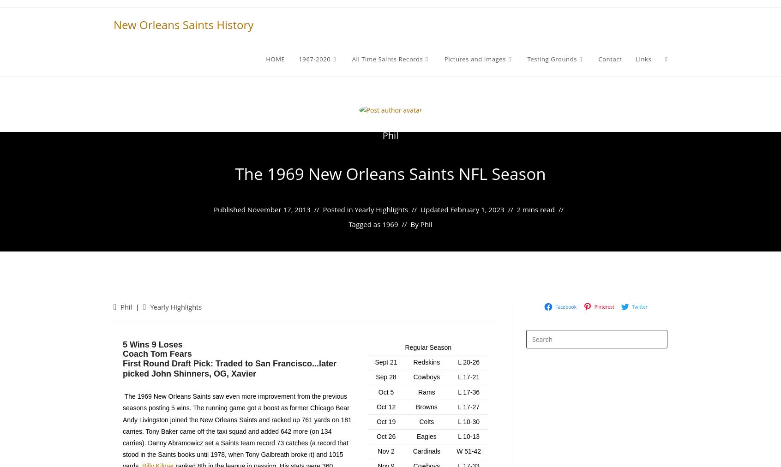 The width and height of the screenshot is (781, 467). Describe the element at coordinates (427, 406) in the screenshot. I see `'Browns'` at that location.